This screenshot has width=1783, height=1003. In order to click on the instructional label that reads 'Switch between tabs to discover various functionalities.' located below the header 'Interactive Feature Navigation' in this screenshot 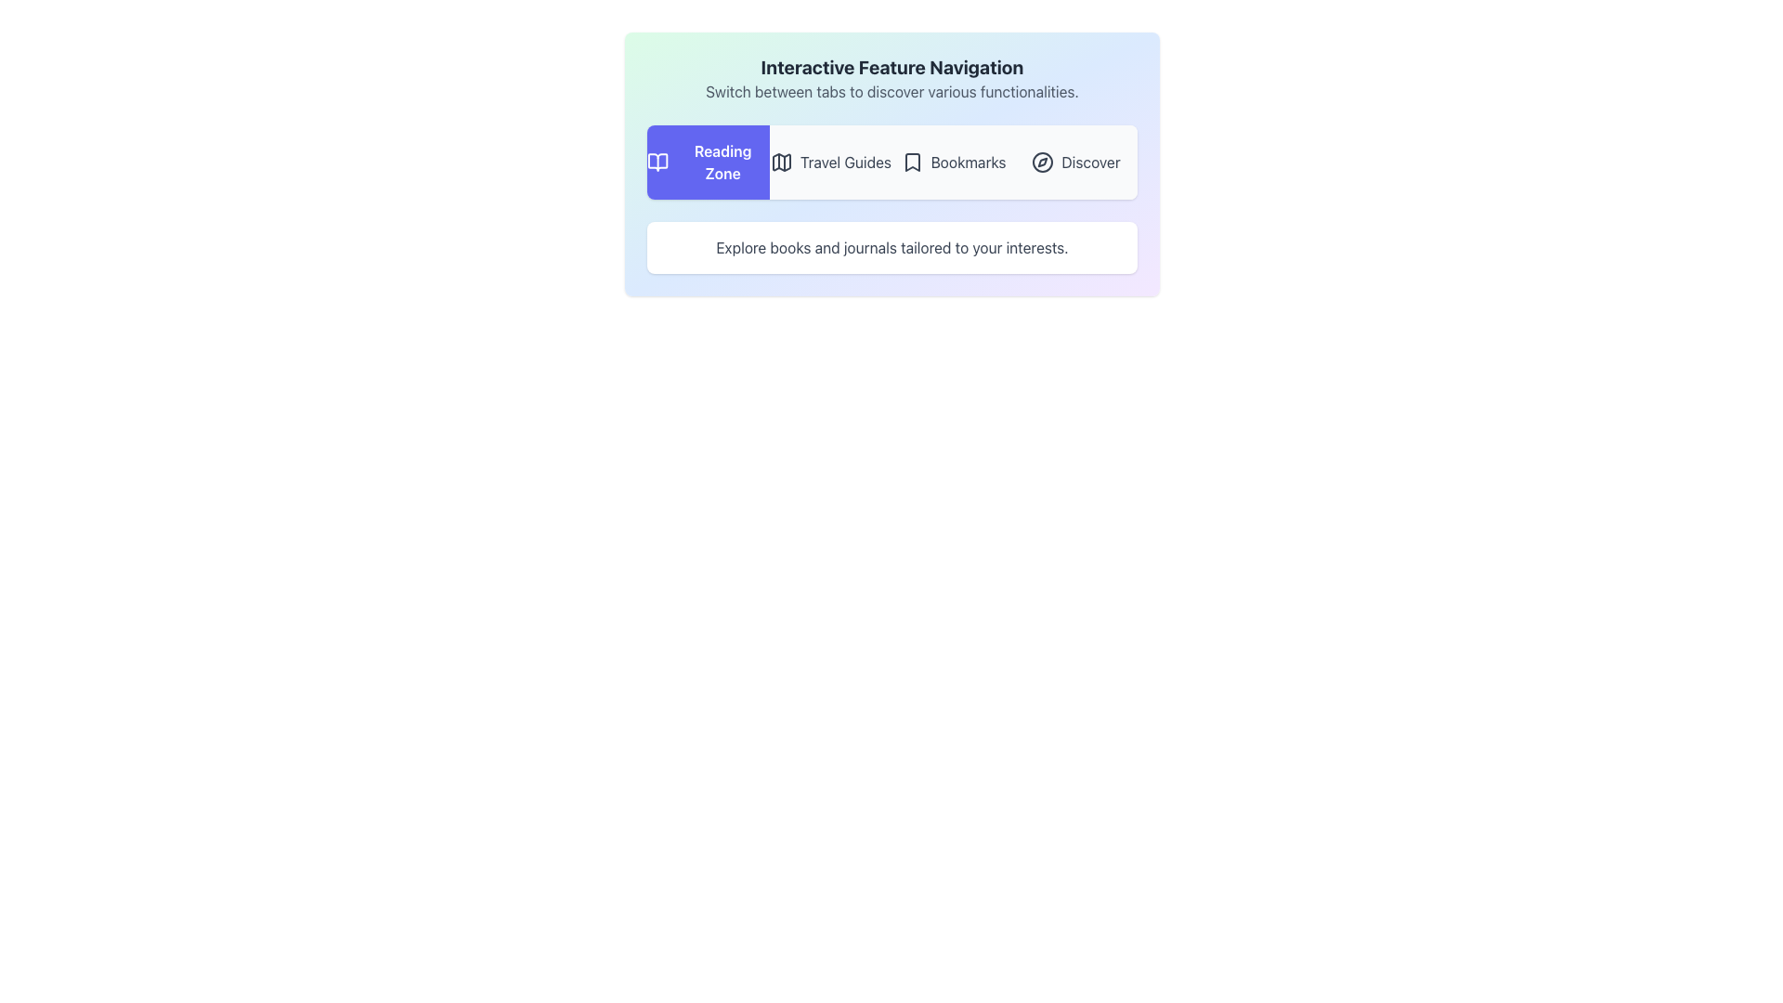, I will do `click(891, 92)`.